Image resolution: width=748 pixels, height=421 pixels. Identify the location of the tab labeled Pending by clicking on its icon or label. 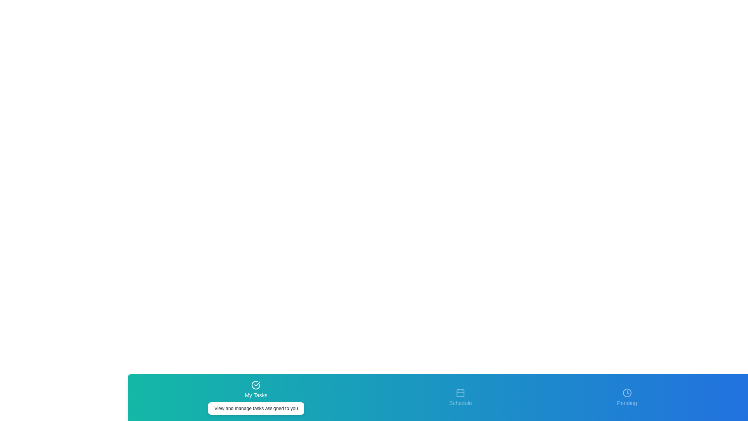
(627, 397).